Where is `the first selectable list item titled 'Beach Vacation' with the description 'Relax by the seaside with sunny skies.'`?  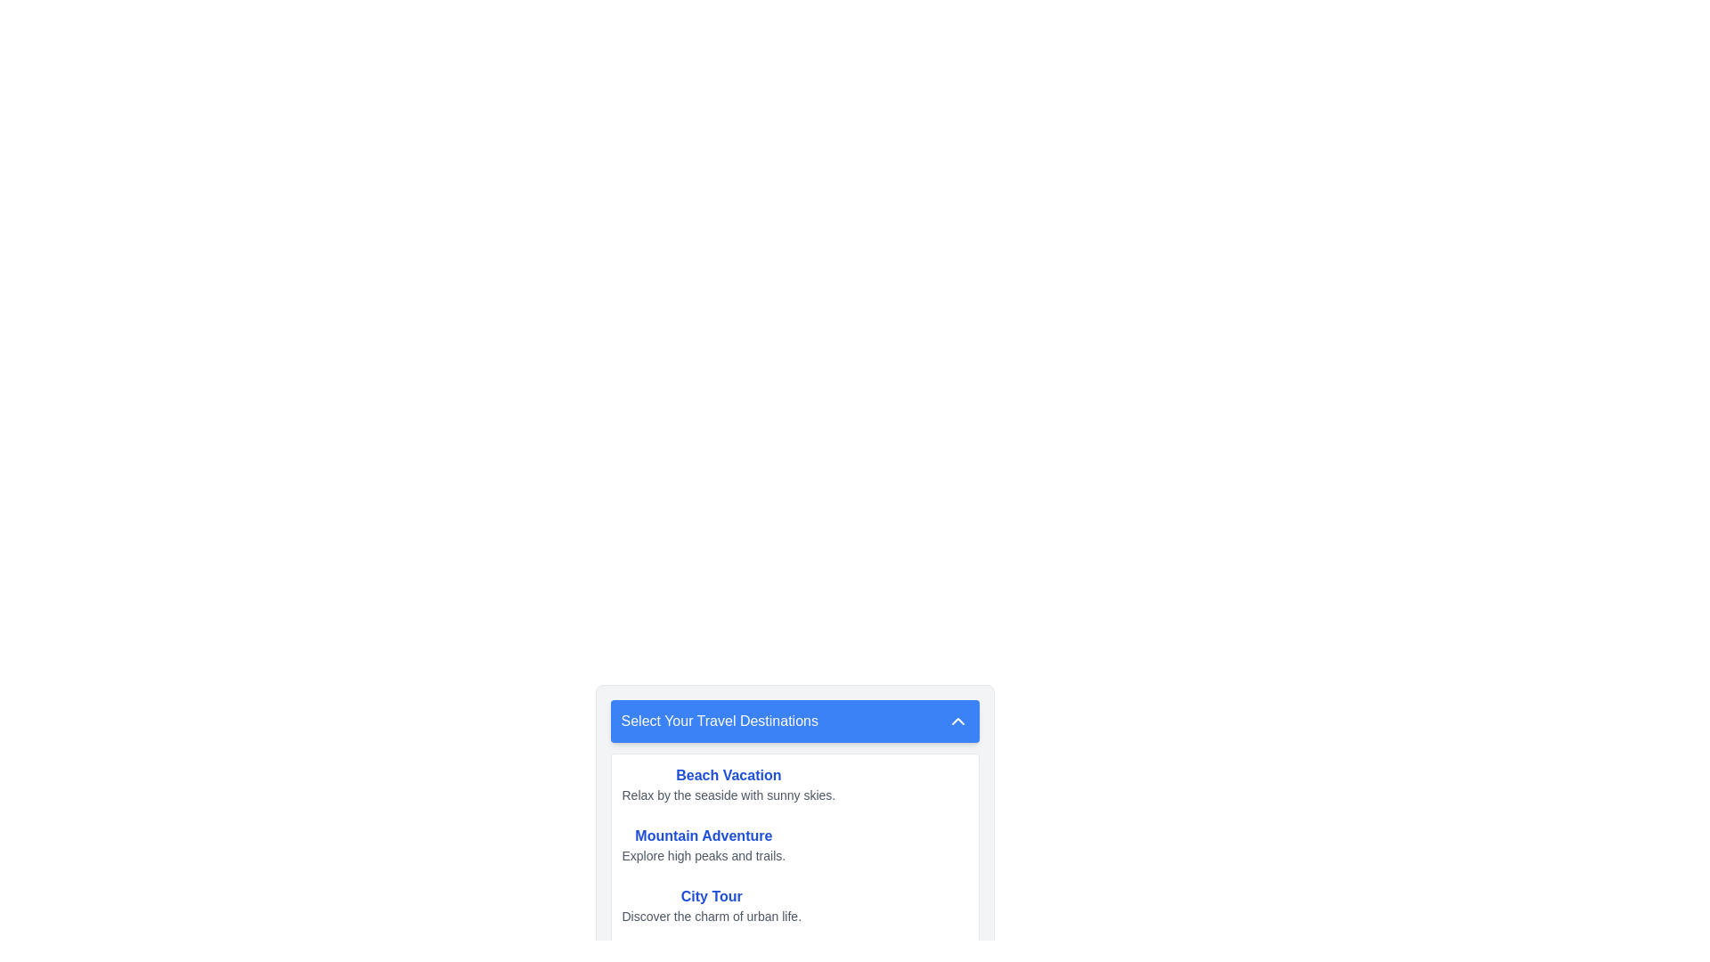 the first selectable list item titled 'Beach Vacation' with the description 'Relax by the seaside with sunny skies.' is located at coordinates (794, 783).